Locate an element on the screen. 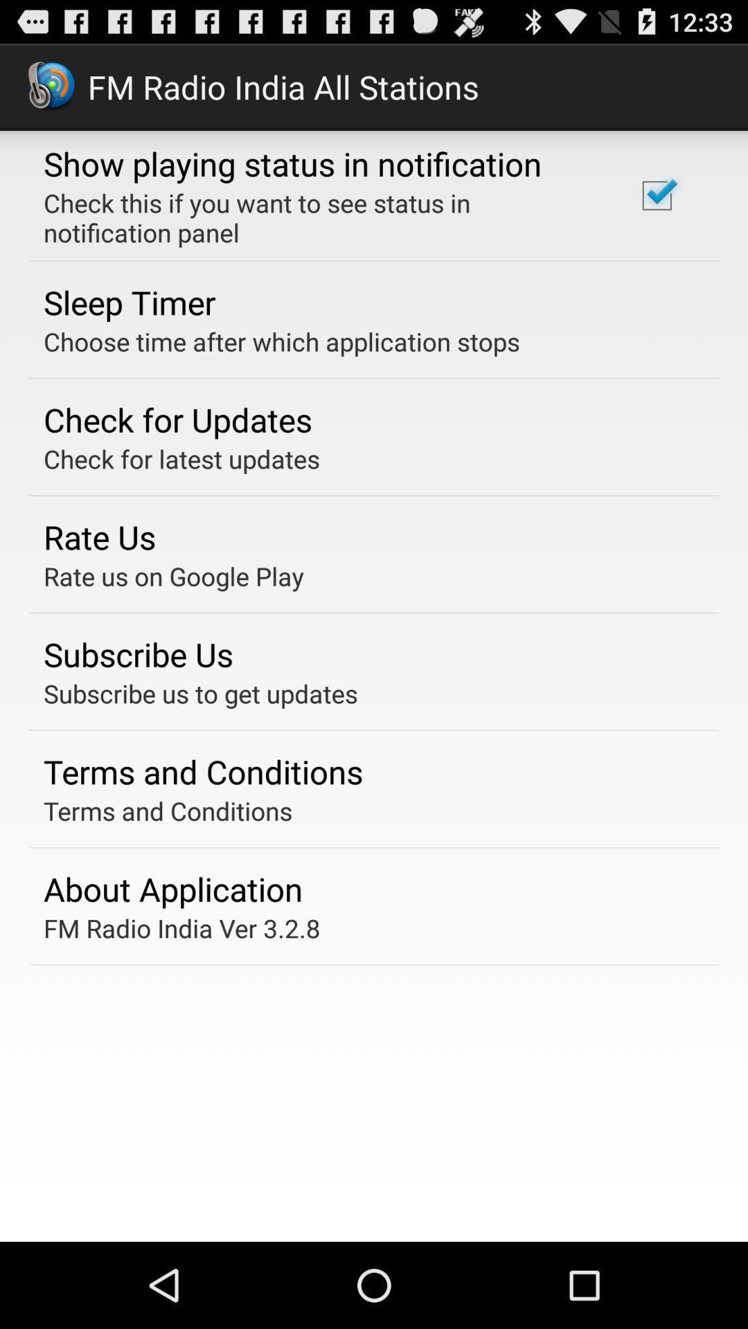  item next to the check this if item is located at coordinates (656, 195).